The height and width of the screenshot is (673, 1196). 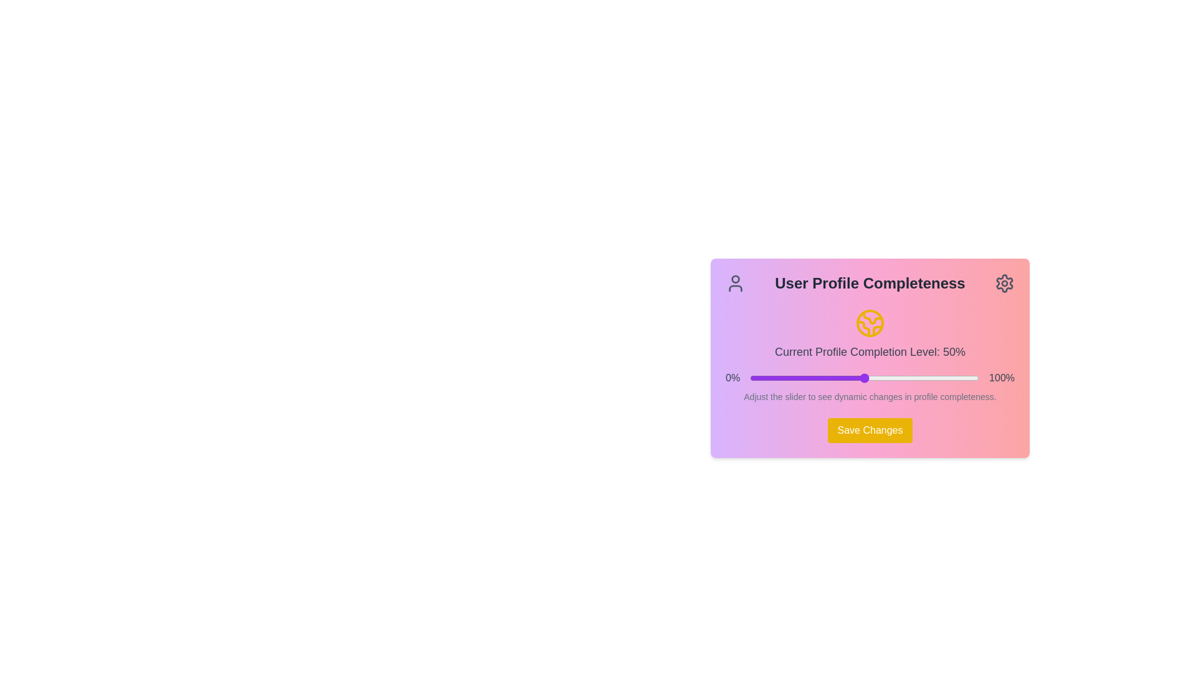 What do you see at coordinates (869, 323) in the screenshot?
I see `the circular globe icon with yellow stroke lines that represents the user's profile completion level, located above the text 'Current Profile Completion Level: 50%'` at bounding box center [869, 323].